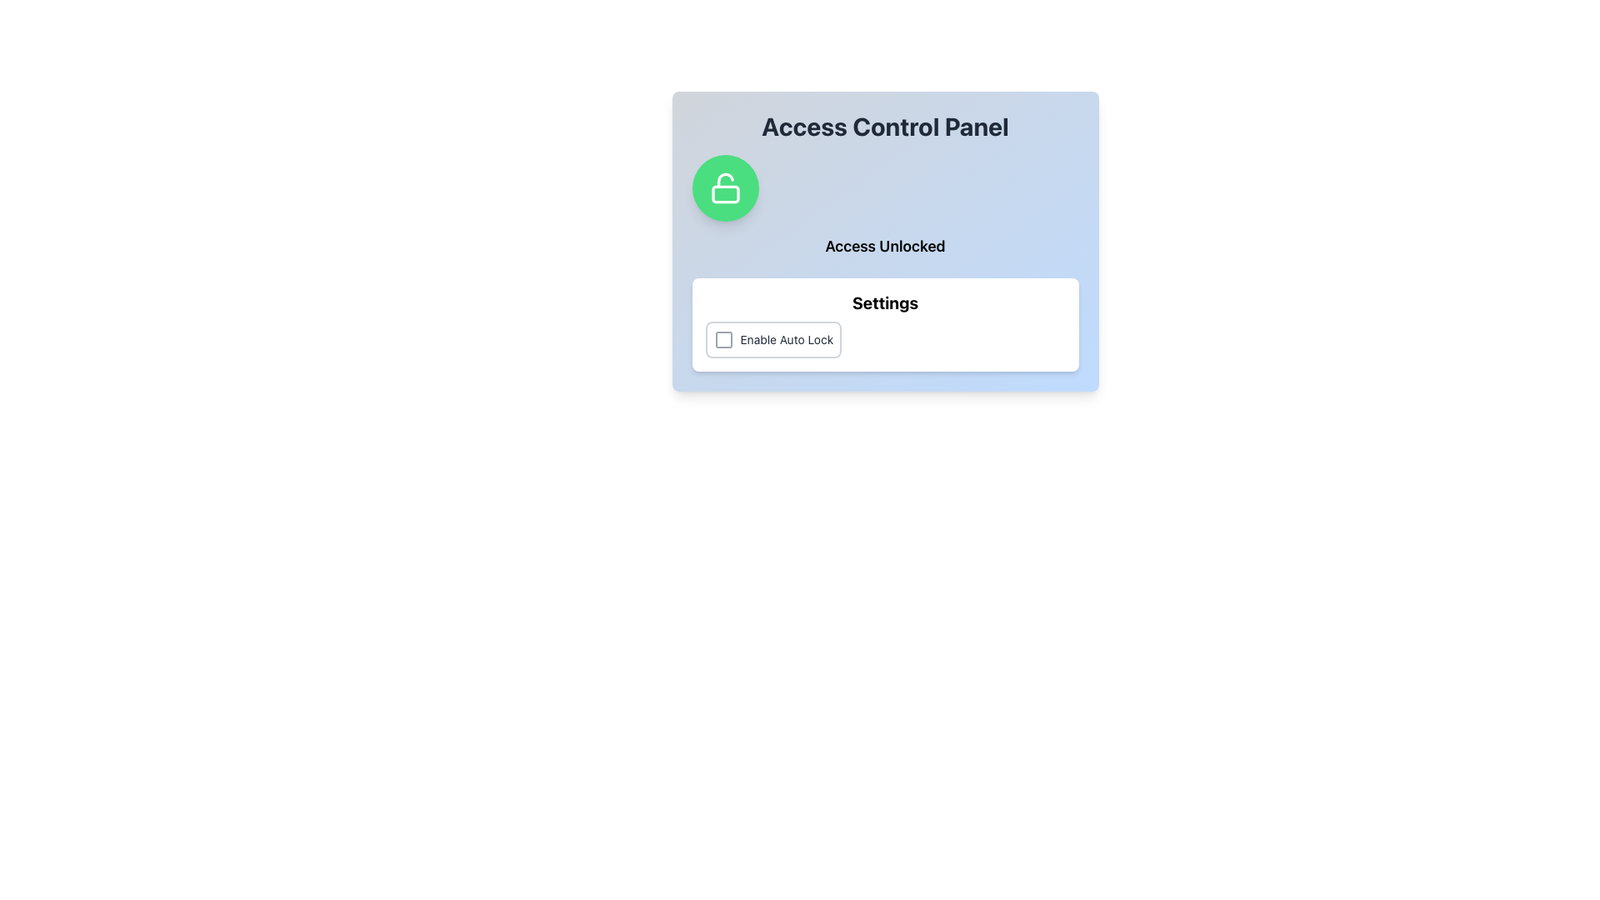 This screenshot has height=900, width=1600. Describe the element at coordinates (725, 187) in the screenshot. I see `the open lock icon styled with a white outline on a green circular background, located inside the green circular button at the top-left corner of the 'Access Control Panel' card` at that location.